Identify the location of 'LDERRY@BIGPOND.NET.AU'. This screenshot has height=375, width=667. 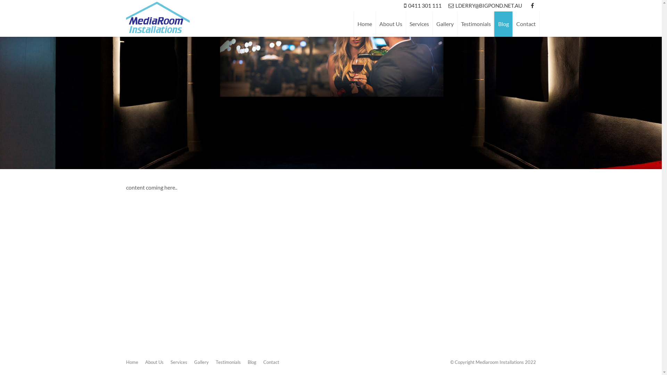
(445, 6).